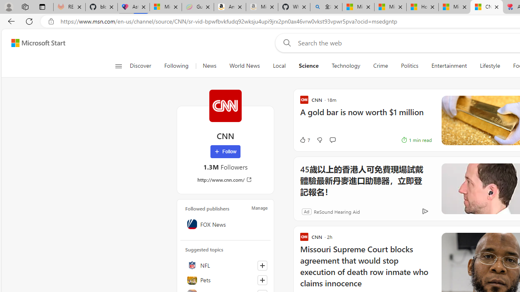 Image resolution: width=520 pixels, height=292 pixels. Describe the element at coordinates (422, 7) in the screenshot. I see `'How I Got Rid of Microsoft Edge'` at that location.